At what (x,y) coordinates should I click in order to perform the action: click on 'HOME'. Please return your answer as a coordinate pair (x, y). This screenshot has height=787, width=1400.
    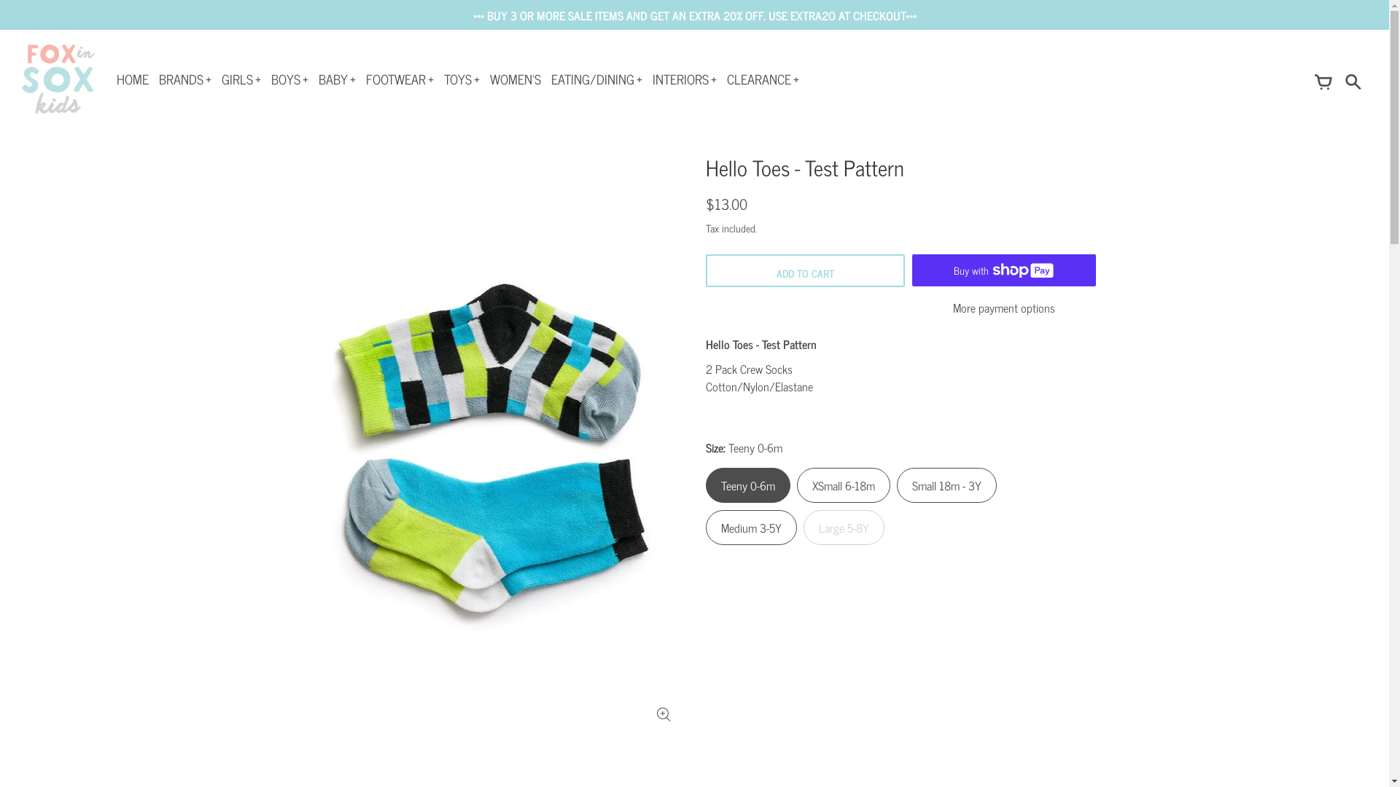
    Looking at the image, I should click on (133, 79).